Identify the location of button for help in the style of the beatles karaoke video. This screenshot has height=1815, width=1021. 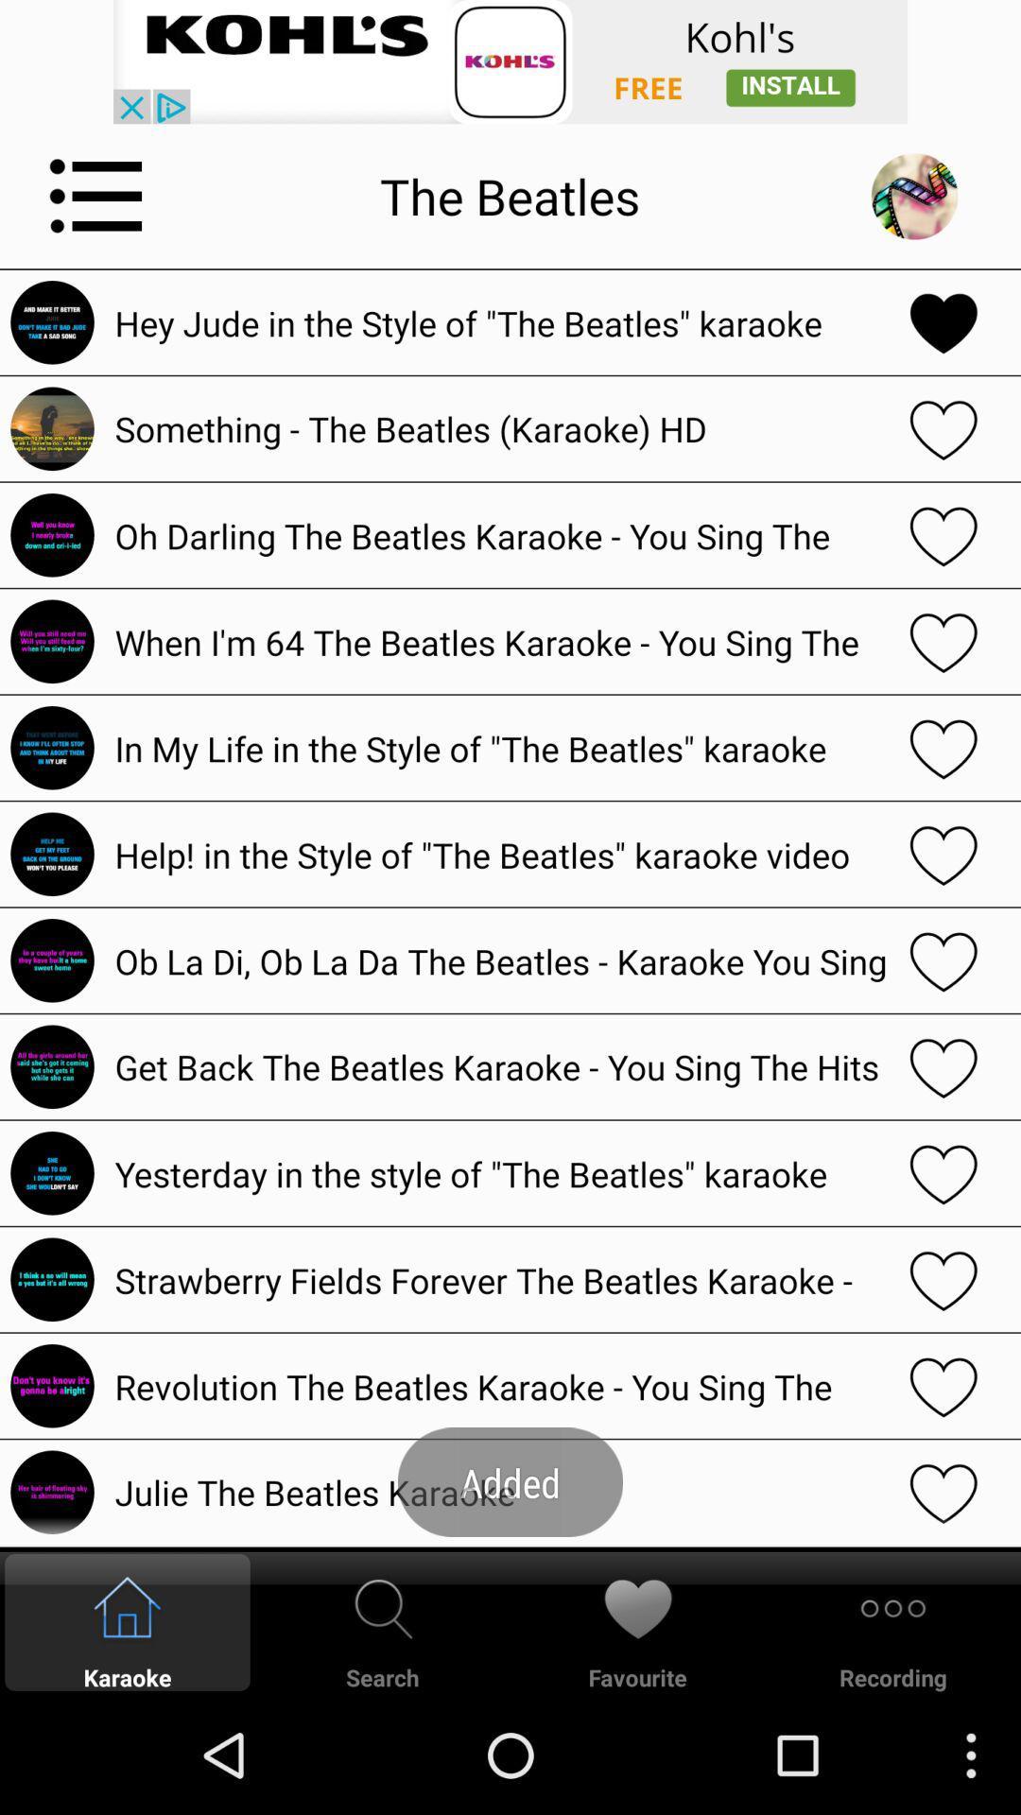
(943, 853).